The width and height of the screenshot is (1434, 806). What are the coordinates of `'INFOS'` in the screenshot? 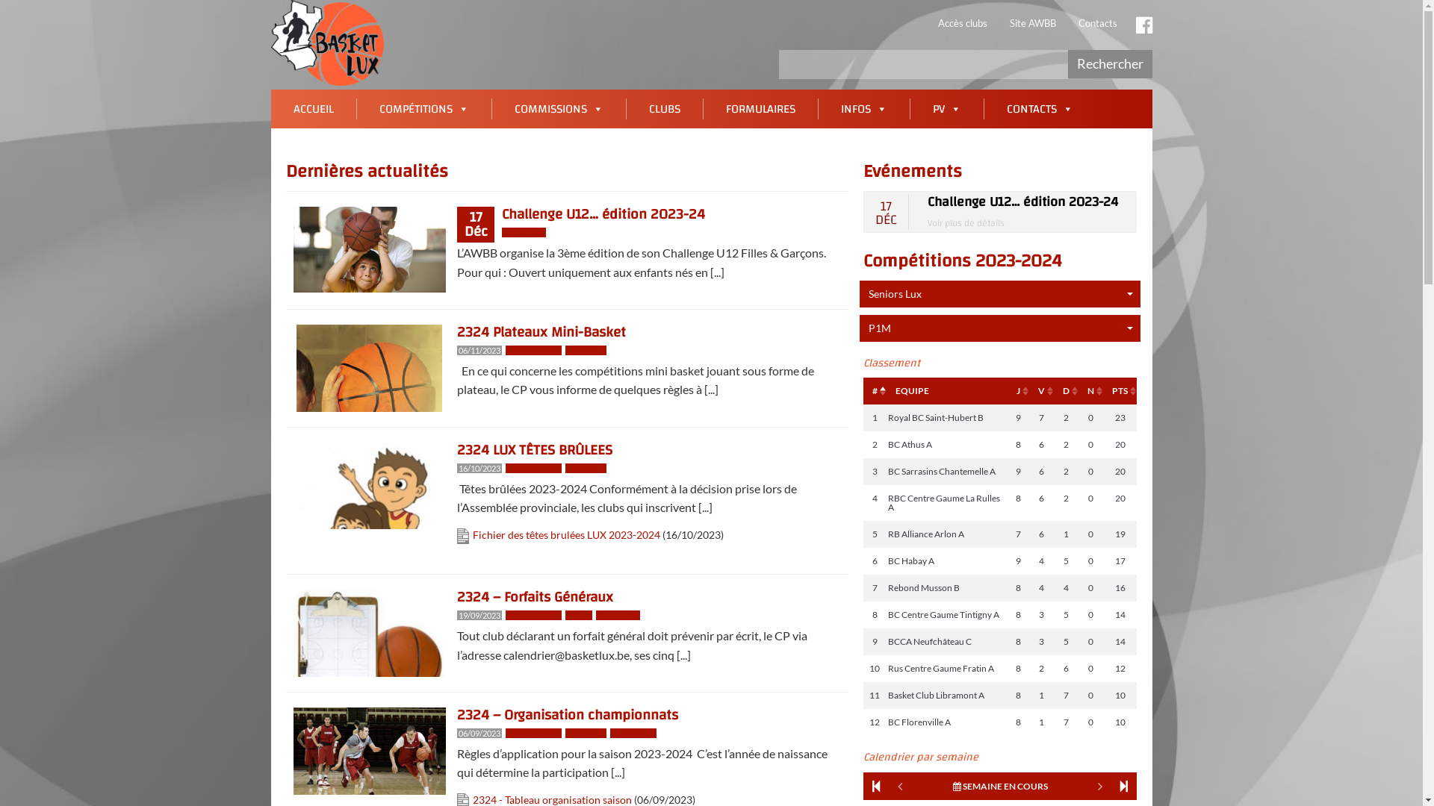 It's located at (863, 108).